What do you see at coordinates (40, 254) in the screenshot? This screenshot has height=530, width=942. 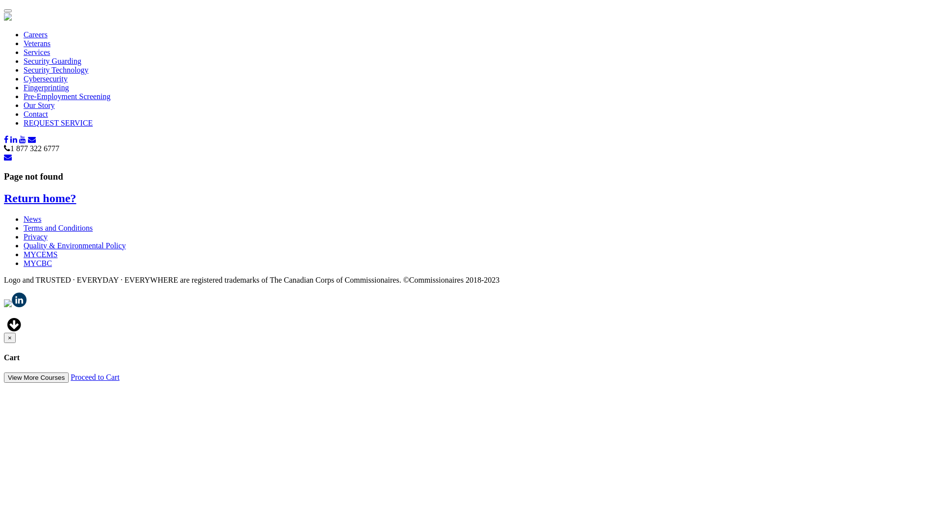 I see `'MYCEMS'` at bounding box center [40, 254].